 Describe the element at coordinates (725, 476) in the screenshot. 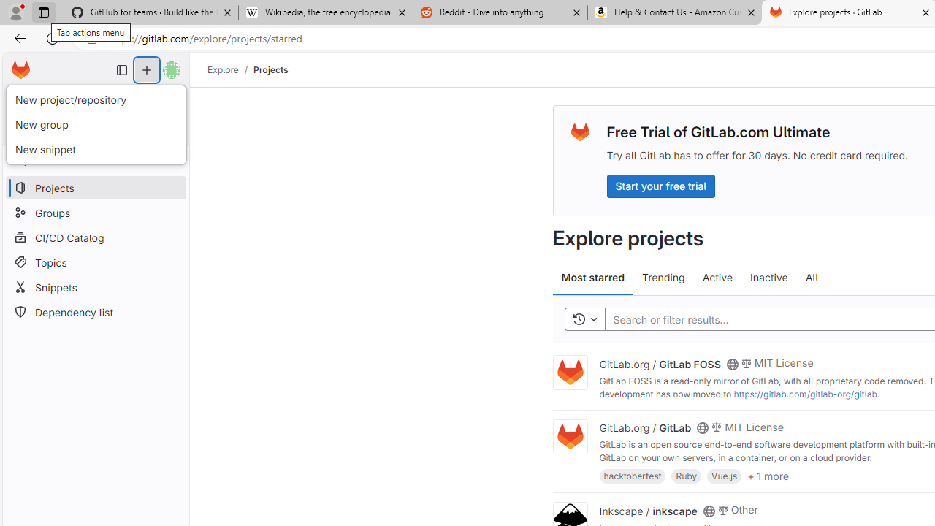

I see `'Vue.js'` at that location.